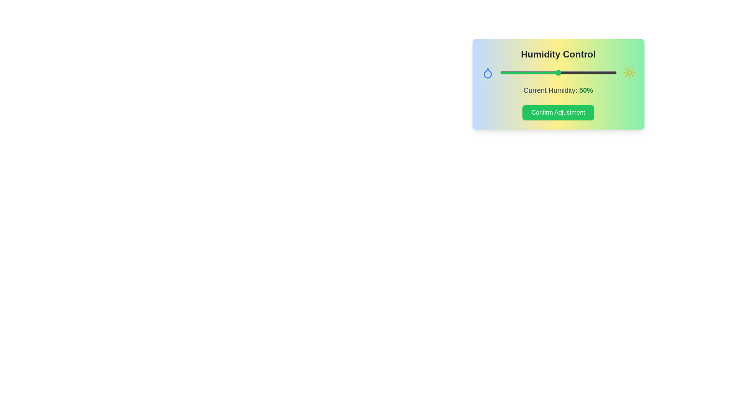 The image size is (737, 414). Describe the element at coordinates (558, 112) in the screenshot. I see `'Confirm Adjustment' button to save the selected humidity value` at that location.